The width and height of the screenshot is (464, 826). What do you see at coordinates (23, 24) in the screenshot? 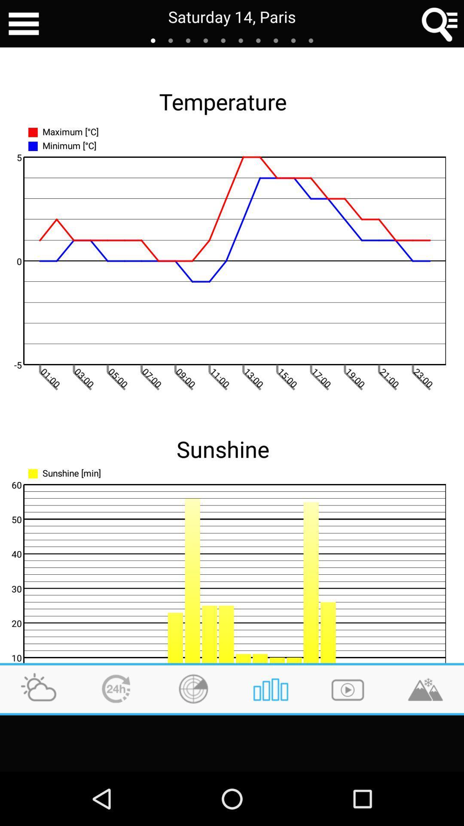
I see `open option menu` at bounding box center [23, 24].